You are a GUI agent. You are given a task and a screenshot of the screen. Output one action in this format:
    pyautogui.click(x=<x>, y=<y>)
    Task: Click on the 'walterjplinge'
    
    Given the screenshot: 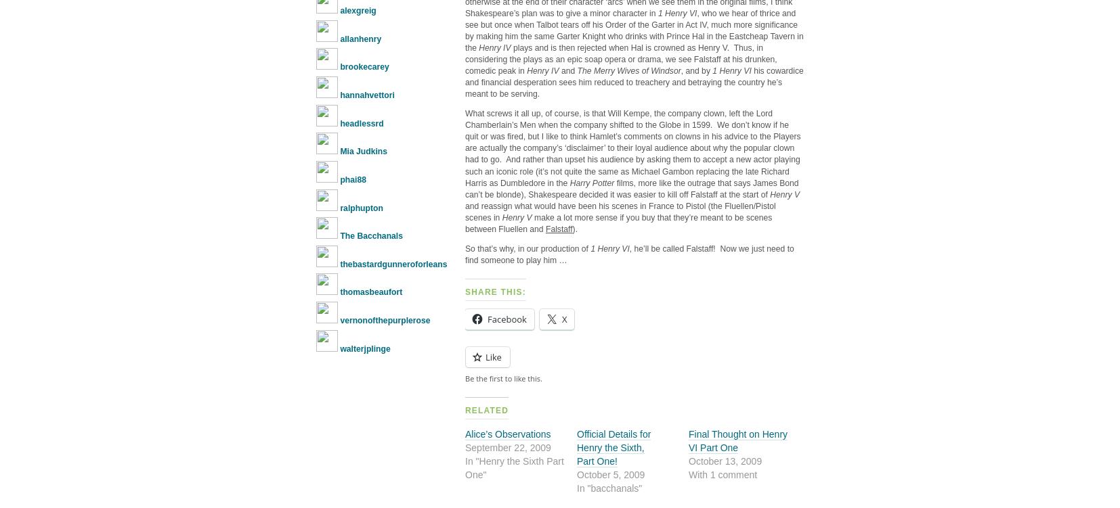 What is the action you would take?
    pyautogui.click(x=365, y=348)
    